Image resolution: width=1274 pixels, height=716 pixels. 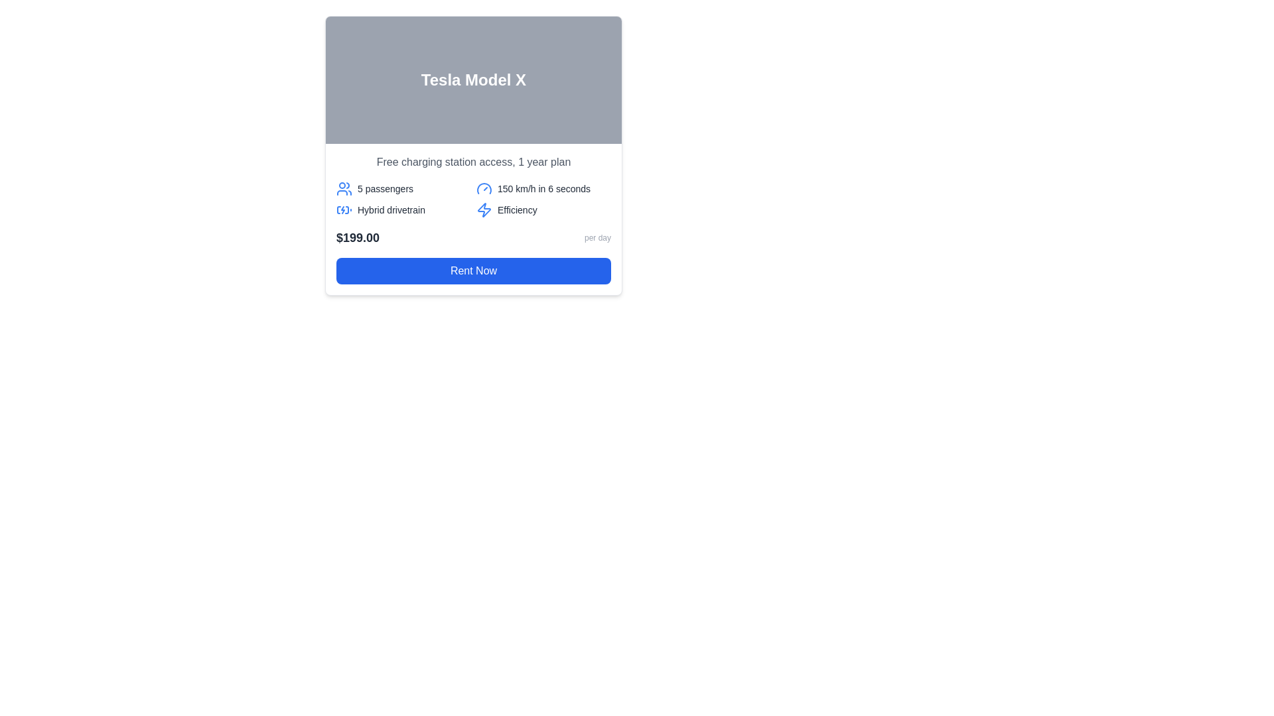 What do you see at coordinates (384, 189) in the screenshot?
I see `the text element displaying '5 passengers', which is located in the upper-middle area of the card, to the right of the passenger icon` at bounding box center [384, 189].